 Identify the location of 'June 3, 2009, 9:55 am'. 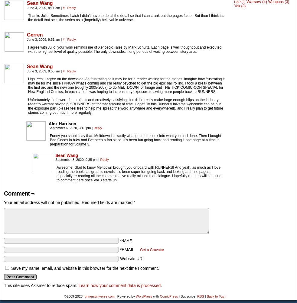
(44, 71).